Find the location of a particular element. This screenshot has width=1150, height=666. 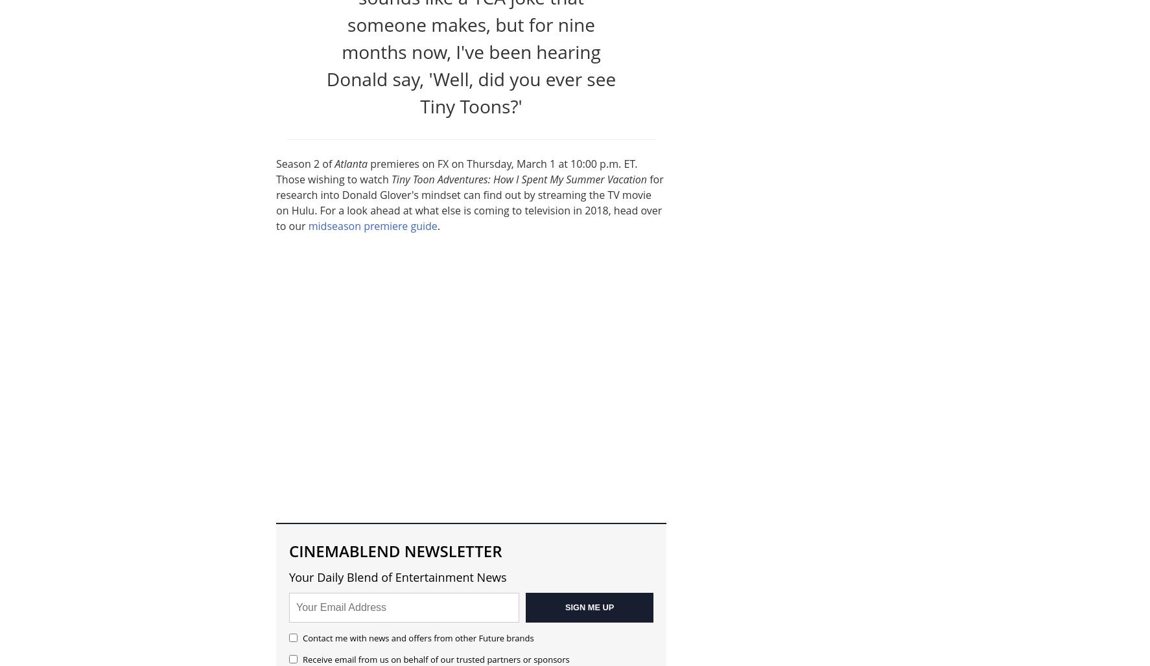

'for research into Donald Glover's mindset can find out by streaming the TV movie on Hulu. For a look ahead at what else is coming to television in 2018, head over to our' is located at coordinates (469, 201).